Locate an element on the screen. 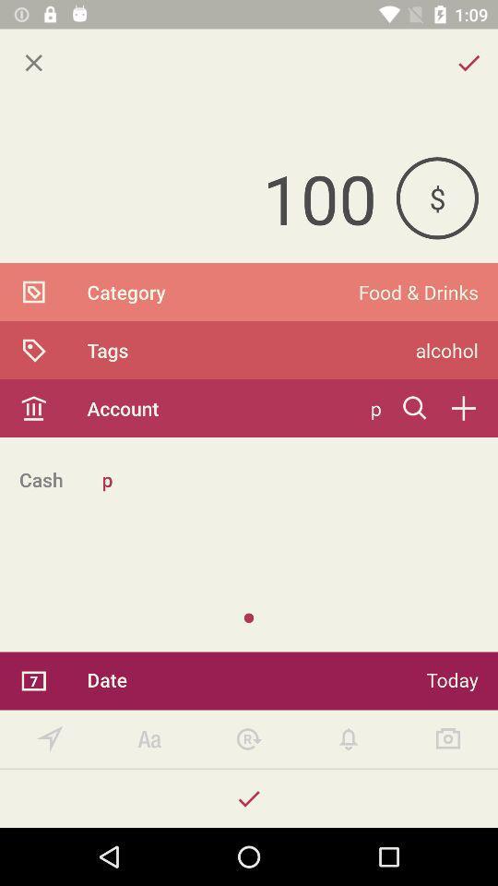 This screenshot has height=886, width=498. take picture is located at coordinates (447, 739).